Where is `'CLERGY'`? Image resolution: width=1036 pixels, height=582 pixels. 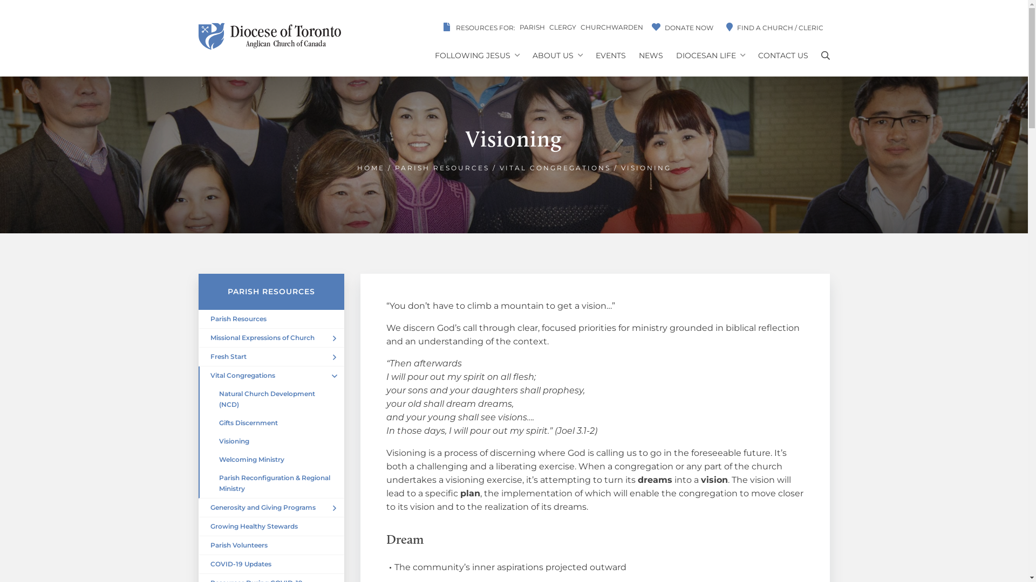
'CLERGY' is located at coordinates (562, 26).